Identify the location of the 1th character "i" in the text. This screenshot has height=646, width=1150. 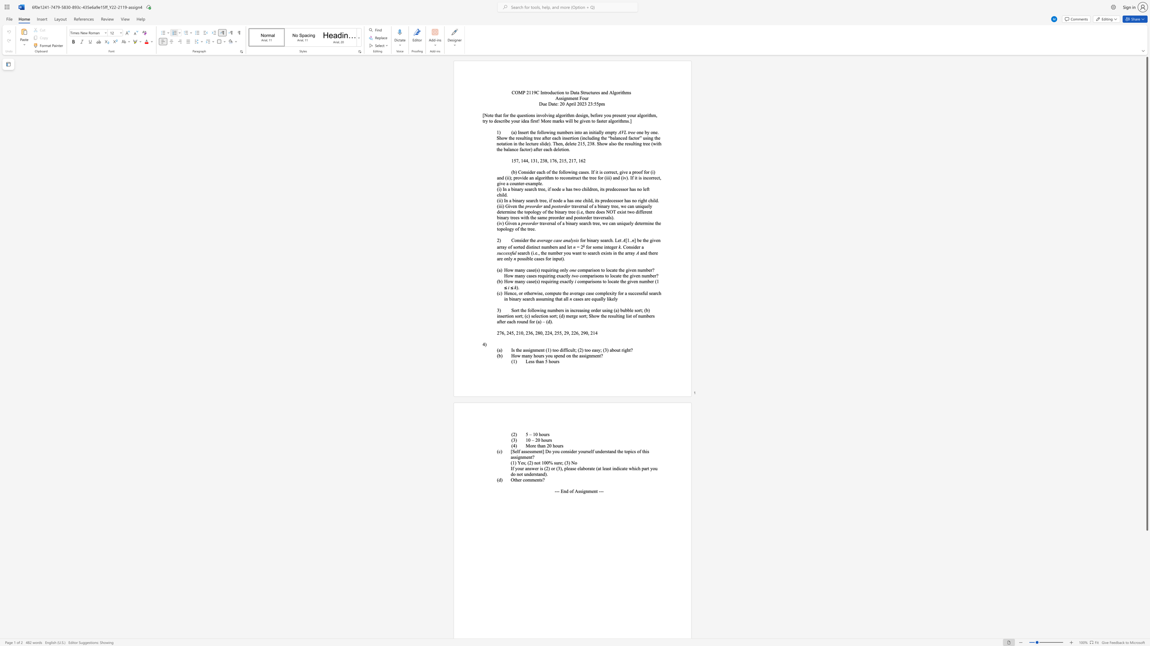
(586, 355).